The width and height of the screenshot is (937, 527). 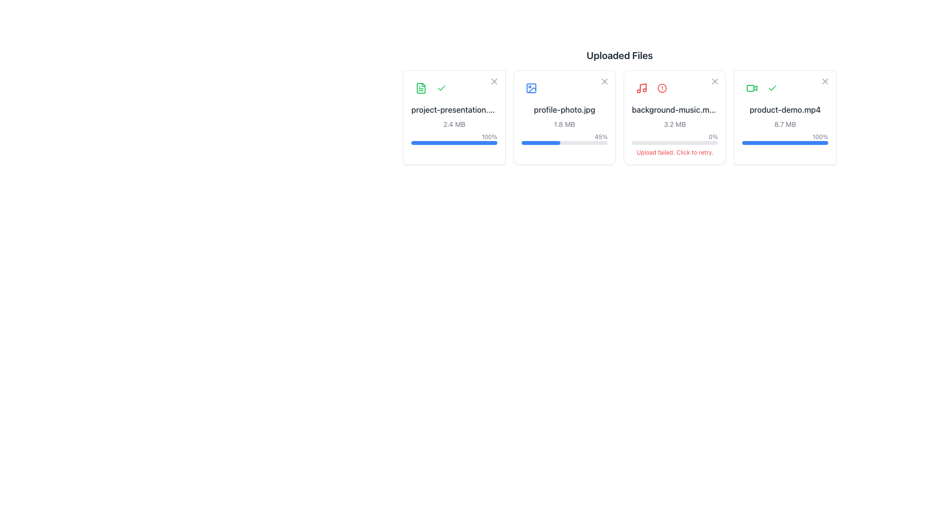 I want to click on the upload progress for 'profile-photo.jpg', so click(x=535, y=143).